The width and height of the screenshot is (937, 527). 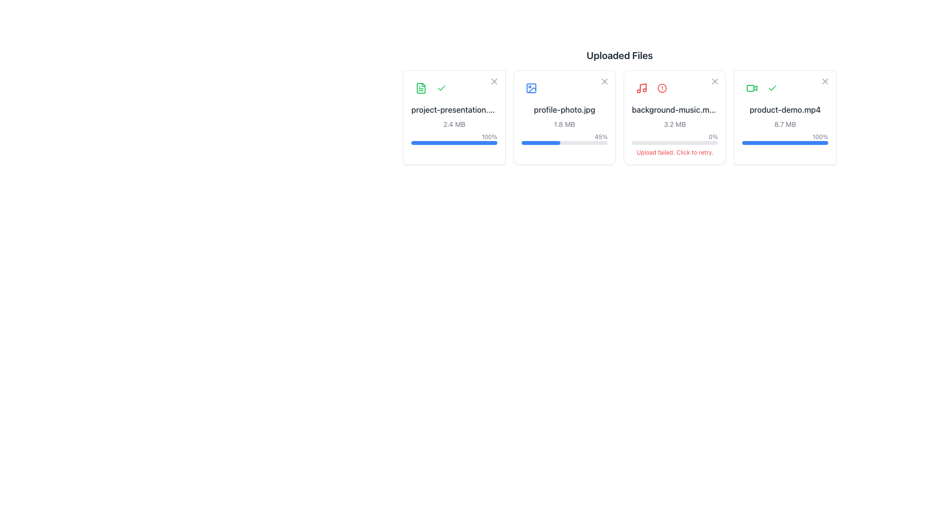 I want to click on the upload progress for 'profile-photo.jpg', so click(x=535, y=143).